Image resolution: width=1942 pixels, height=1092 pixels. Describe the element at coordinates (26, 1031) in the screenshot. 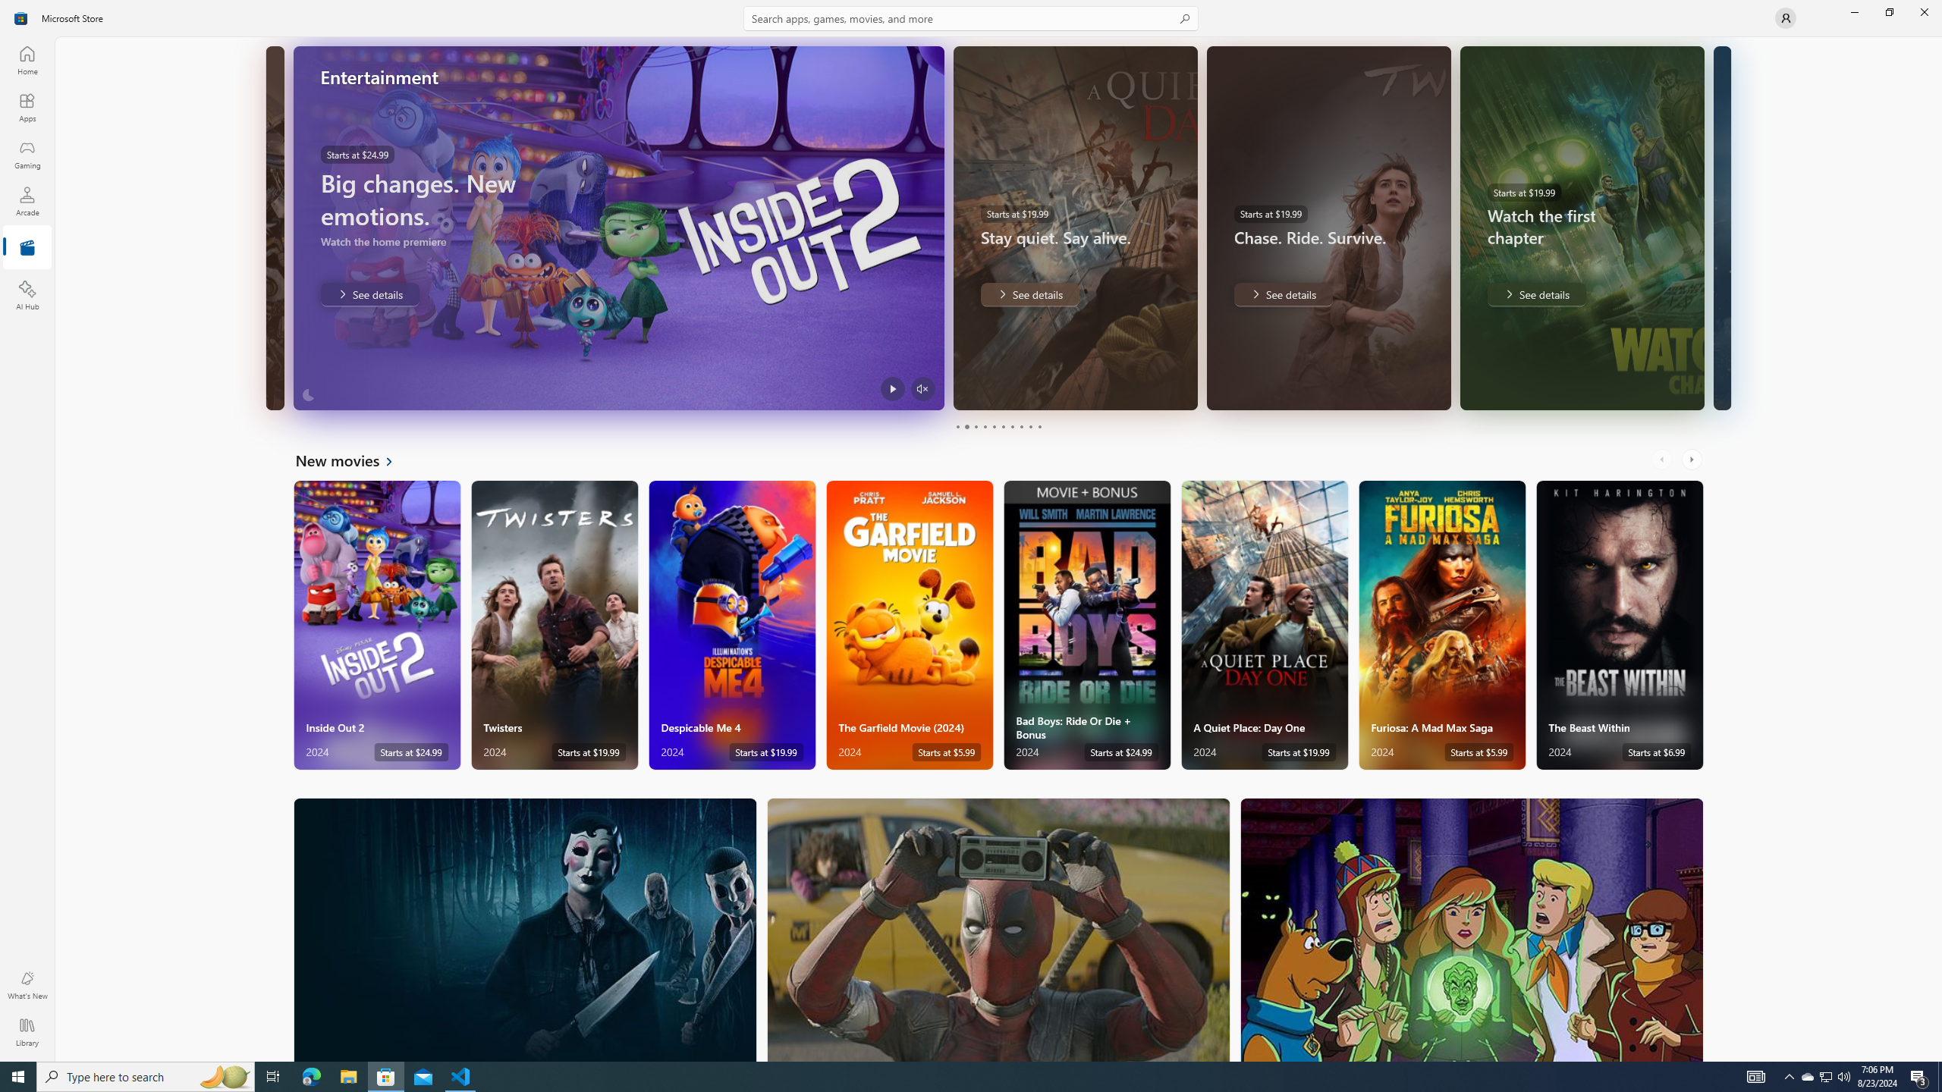

I see `'Library'` at that location.